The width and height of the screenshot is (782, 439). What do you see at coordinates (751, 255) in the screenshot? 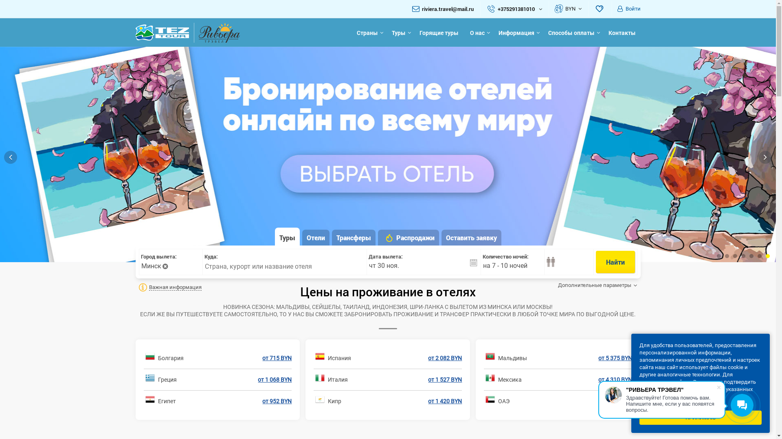
I see `'5'` at bounding box center [751, 255].